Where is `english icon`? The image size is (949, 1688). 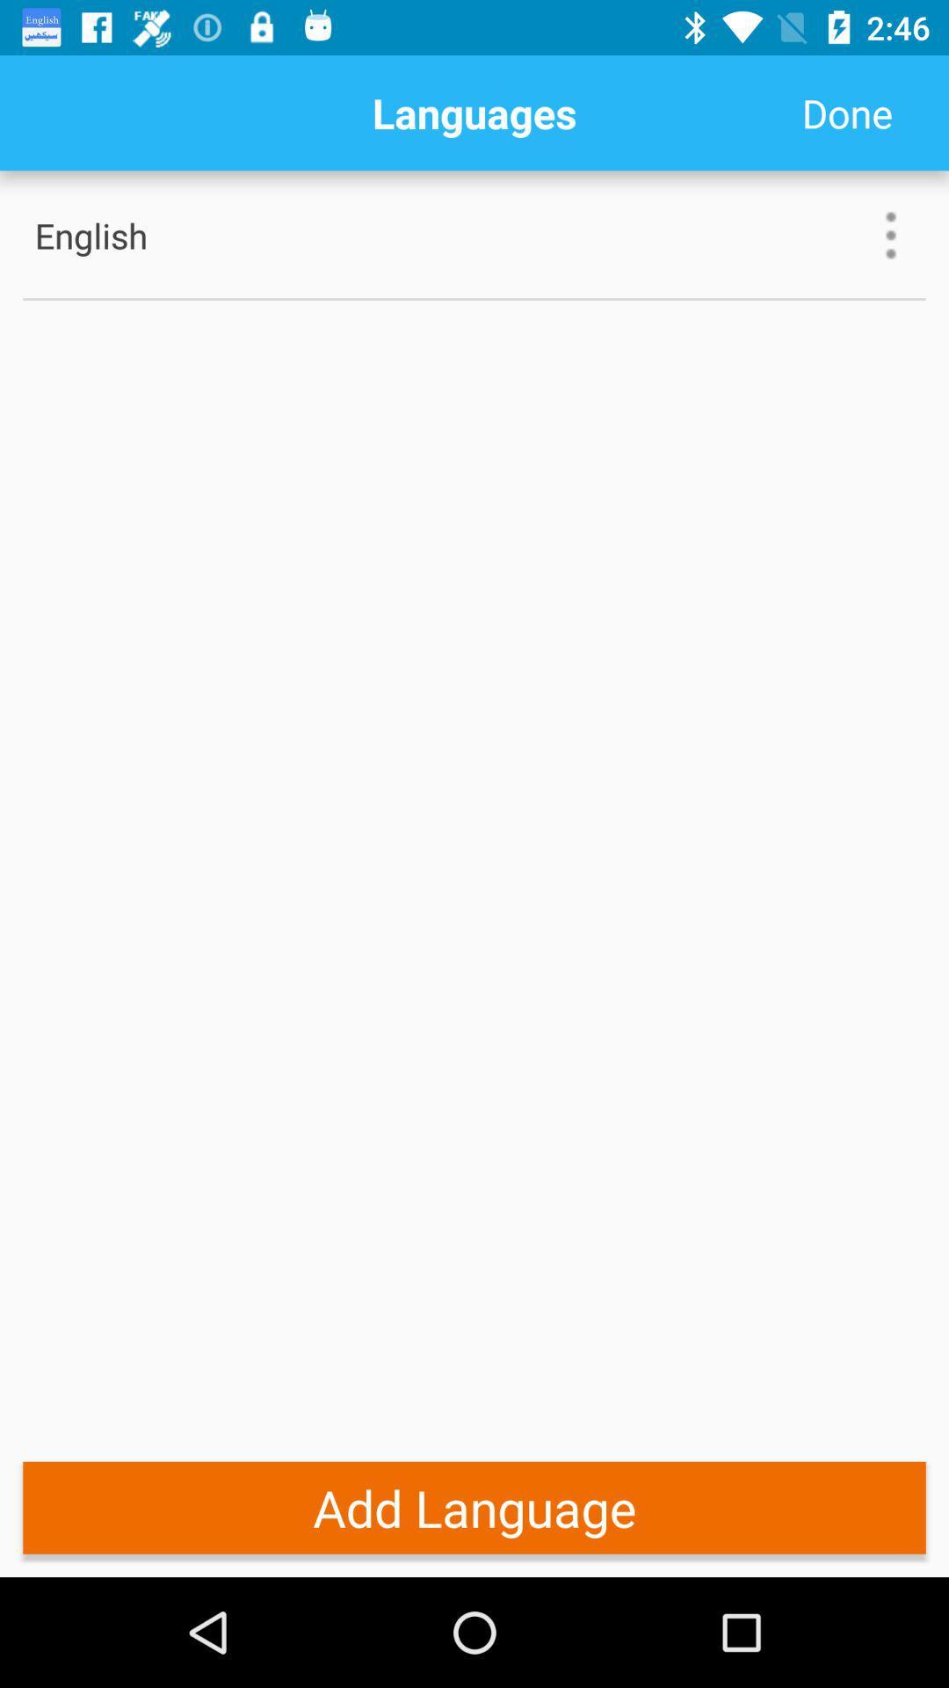
english icon is located at coordinates (148, 235).